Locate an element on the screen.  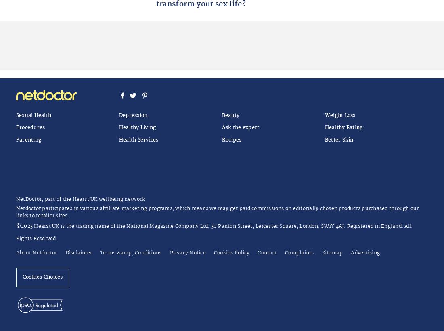
'Sexual Health' is located at coordinates (34, 114).